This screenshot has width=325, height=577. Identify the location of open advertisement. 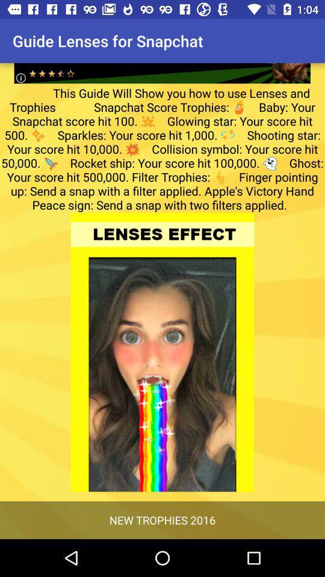
(162, 64).